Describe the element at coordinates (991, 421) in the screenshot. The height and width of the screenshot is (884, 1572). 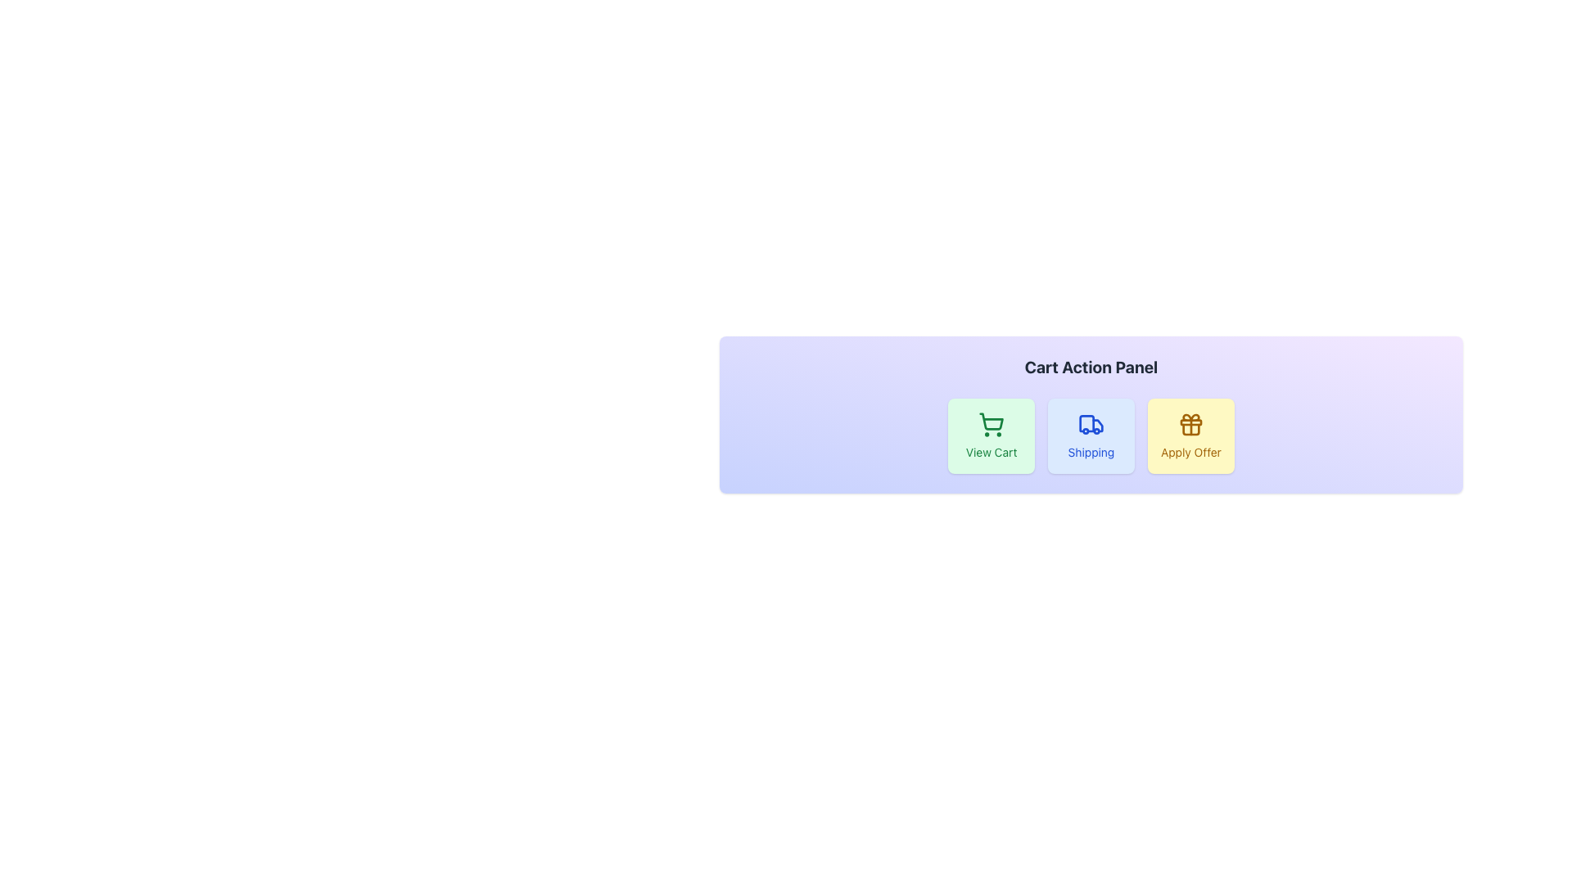
I see `the shopping cart icon located inside the 'View Cart' box in the 'Cart Action Panel'. This icon represents the cart's contents and shopping actions` at that location.